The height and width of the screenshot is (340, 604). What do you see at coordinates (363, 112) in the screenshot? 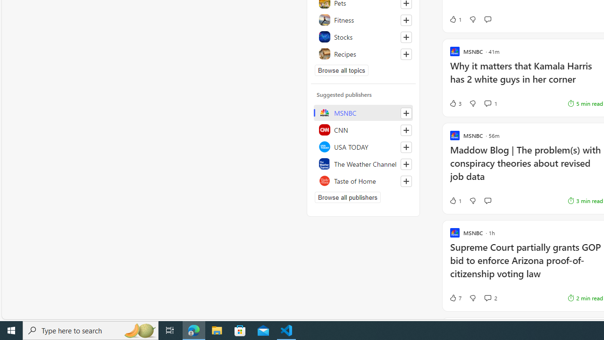
I see `'MSNBC'` at bounding box center [363, 112].